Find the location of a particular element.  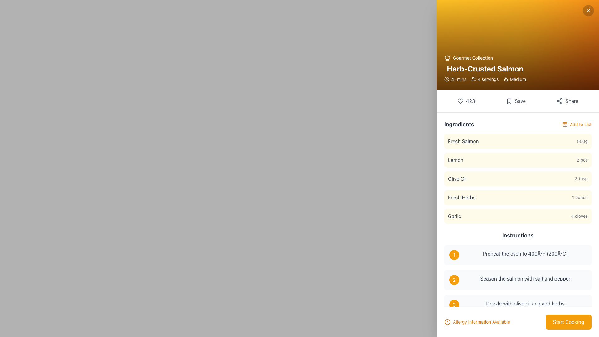

the minimalistic group of people icon located to the left of the text '4 servings' in the header section of the interface is located at coordinates (474, 79).